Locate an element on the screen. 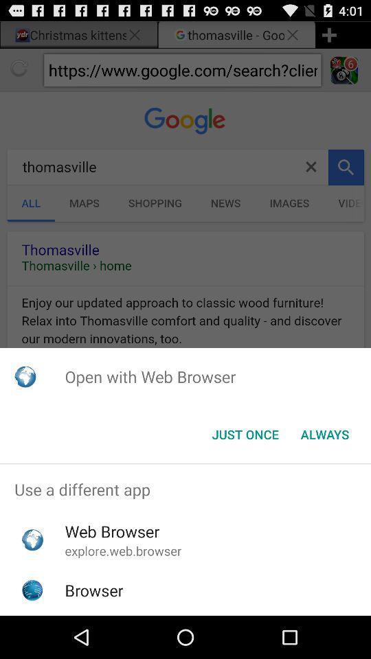  always on the right is located at coordinates (324, 434).